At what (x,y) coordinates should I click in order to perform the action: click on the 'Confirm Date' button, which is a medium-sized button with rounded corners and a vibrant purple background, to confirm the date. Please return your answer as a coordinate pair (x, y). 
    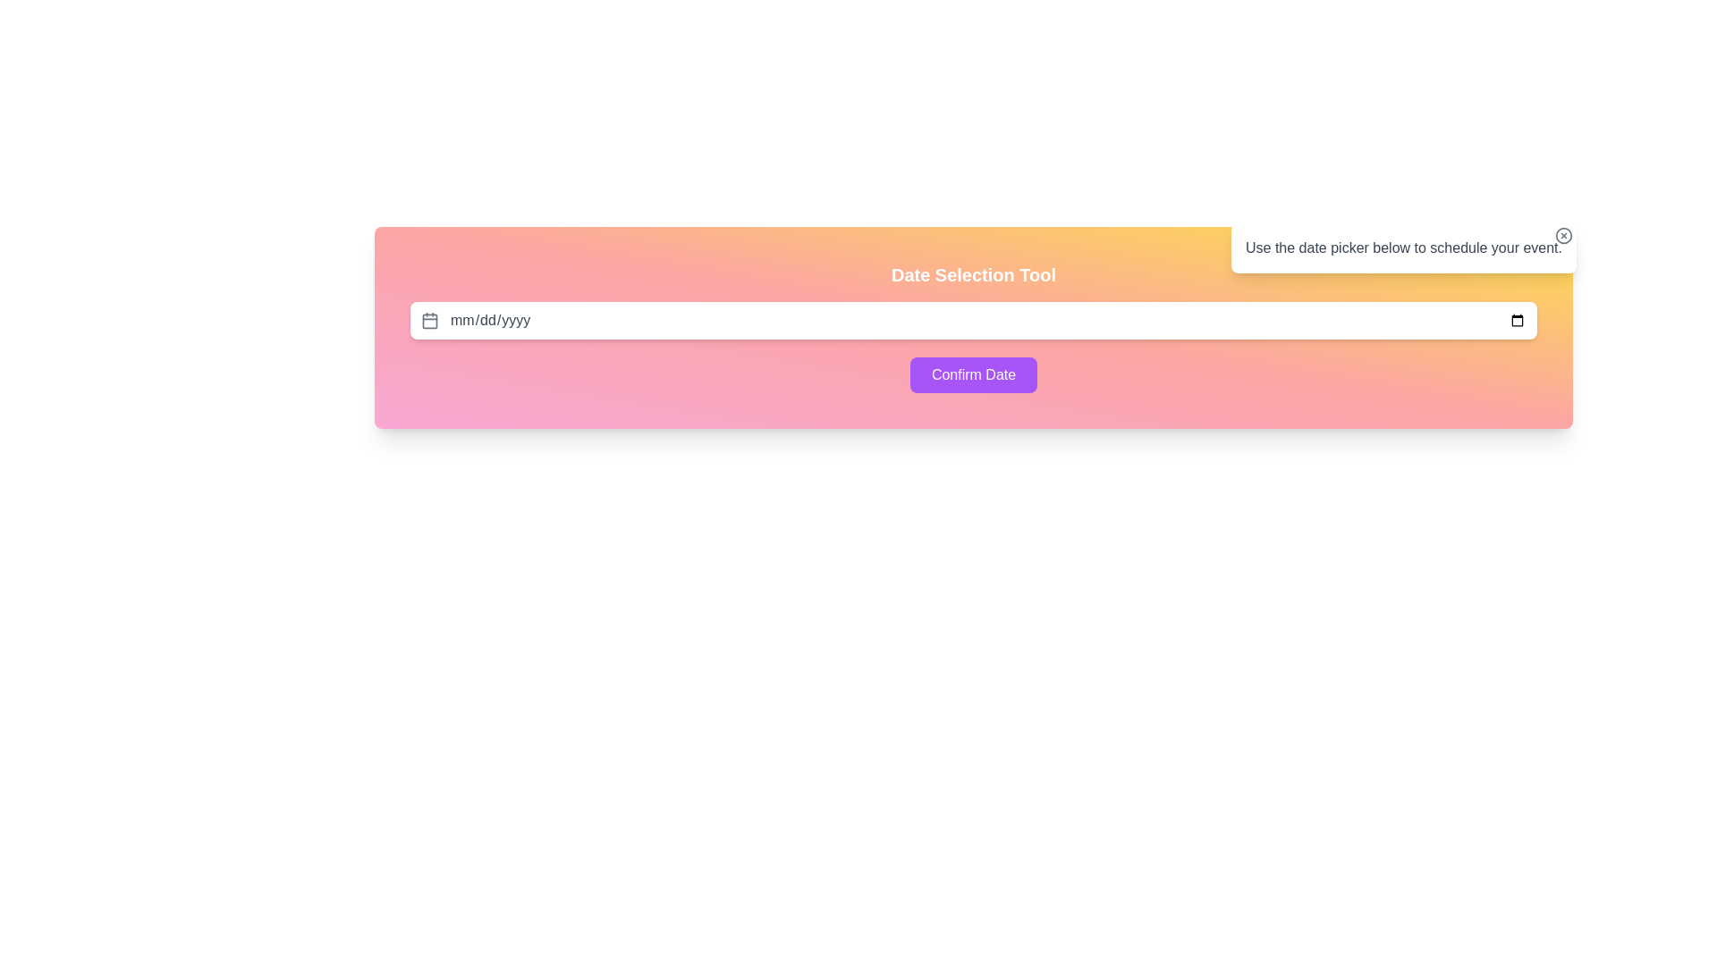
    Looking at the image, I should click on (973, 374).